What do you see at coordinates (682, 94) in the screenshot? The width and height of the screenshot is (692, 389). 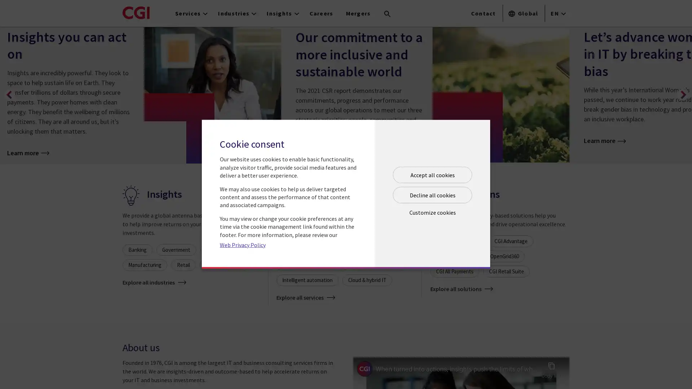 I see `Next` at bounding box center [682, 94].